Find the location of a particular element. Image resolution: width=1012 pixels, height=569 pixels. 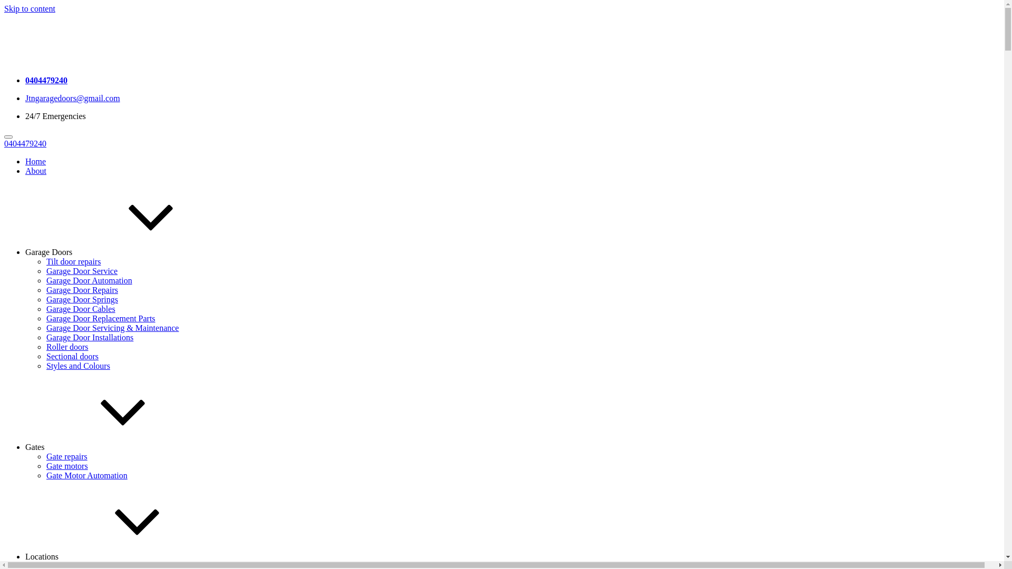

'Home' is located at coordinates (35, 161).